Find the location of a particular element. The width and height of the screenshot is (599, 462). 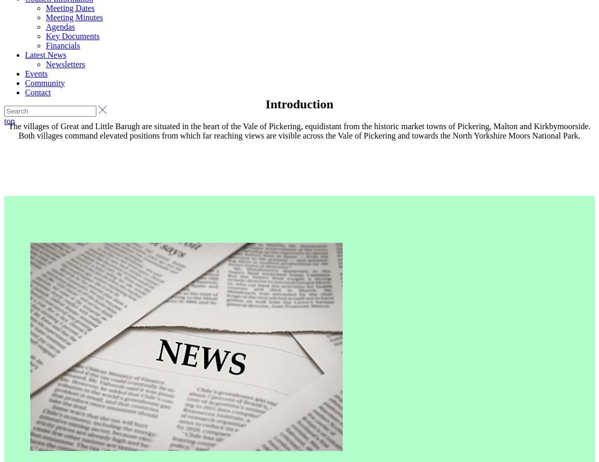

'Financials' is located at coordinates (62, 44).